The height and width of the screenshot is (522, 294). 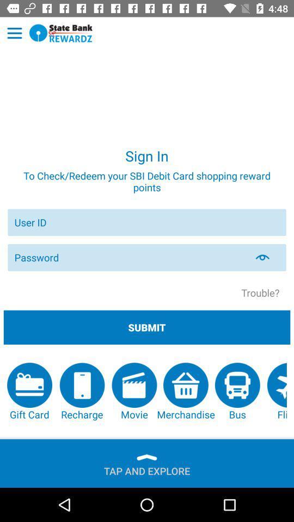 I want to click on use id, so click(x=147, y=222).